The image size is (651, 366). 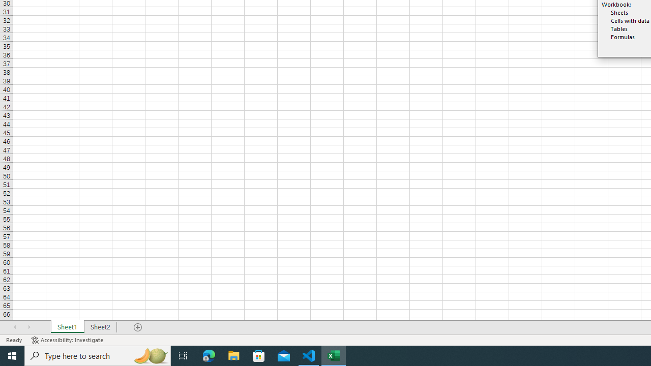 I want to click on 'Microsoft Store', so click(x=259, y=355).